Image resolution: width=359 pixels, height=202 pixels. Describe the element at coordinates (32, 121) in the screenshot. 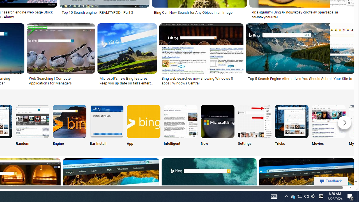

I see `'Bing Random Search'` at that location.